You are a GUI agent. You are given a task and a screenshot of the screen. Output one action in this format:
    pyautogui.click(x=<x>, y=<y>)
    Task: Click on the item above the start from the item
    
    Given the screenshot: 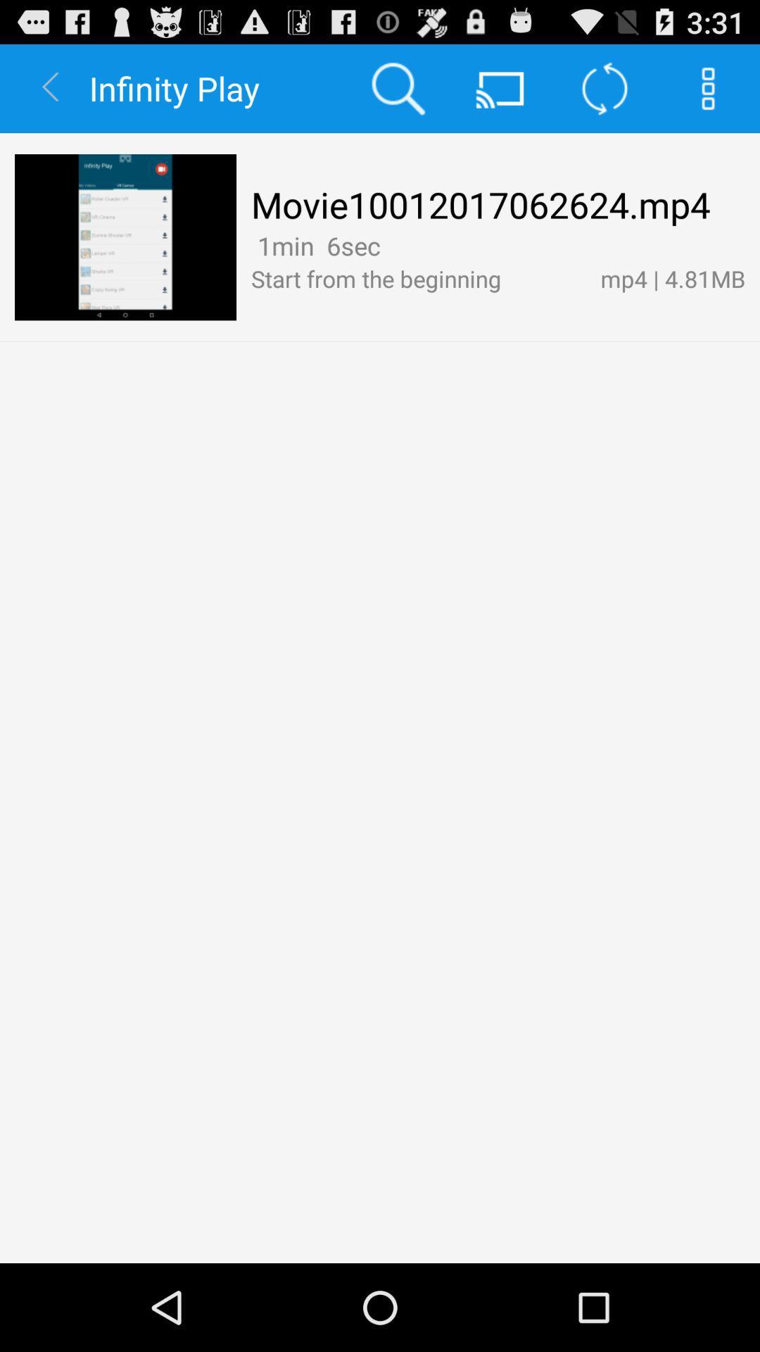 What is the action you would take?
    pyautogui.click(x=391, y=245)
    